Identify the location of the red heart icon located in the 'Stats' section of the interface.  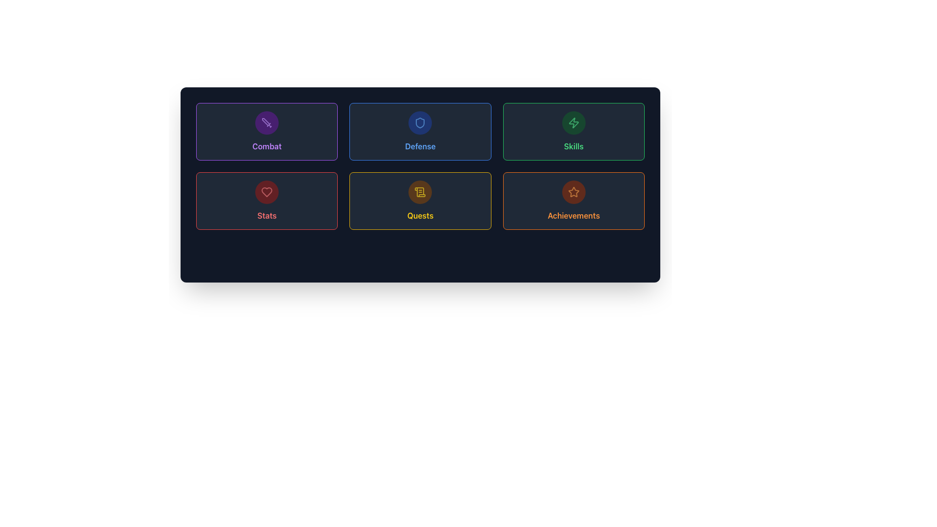
(267, 192).